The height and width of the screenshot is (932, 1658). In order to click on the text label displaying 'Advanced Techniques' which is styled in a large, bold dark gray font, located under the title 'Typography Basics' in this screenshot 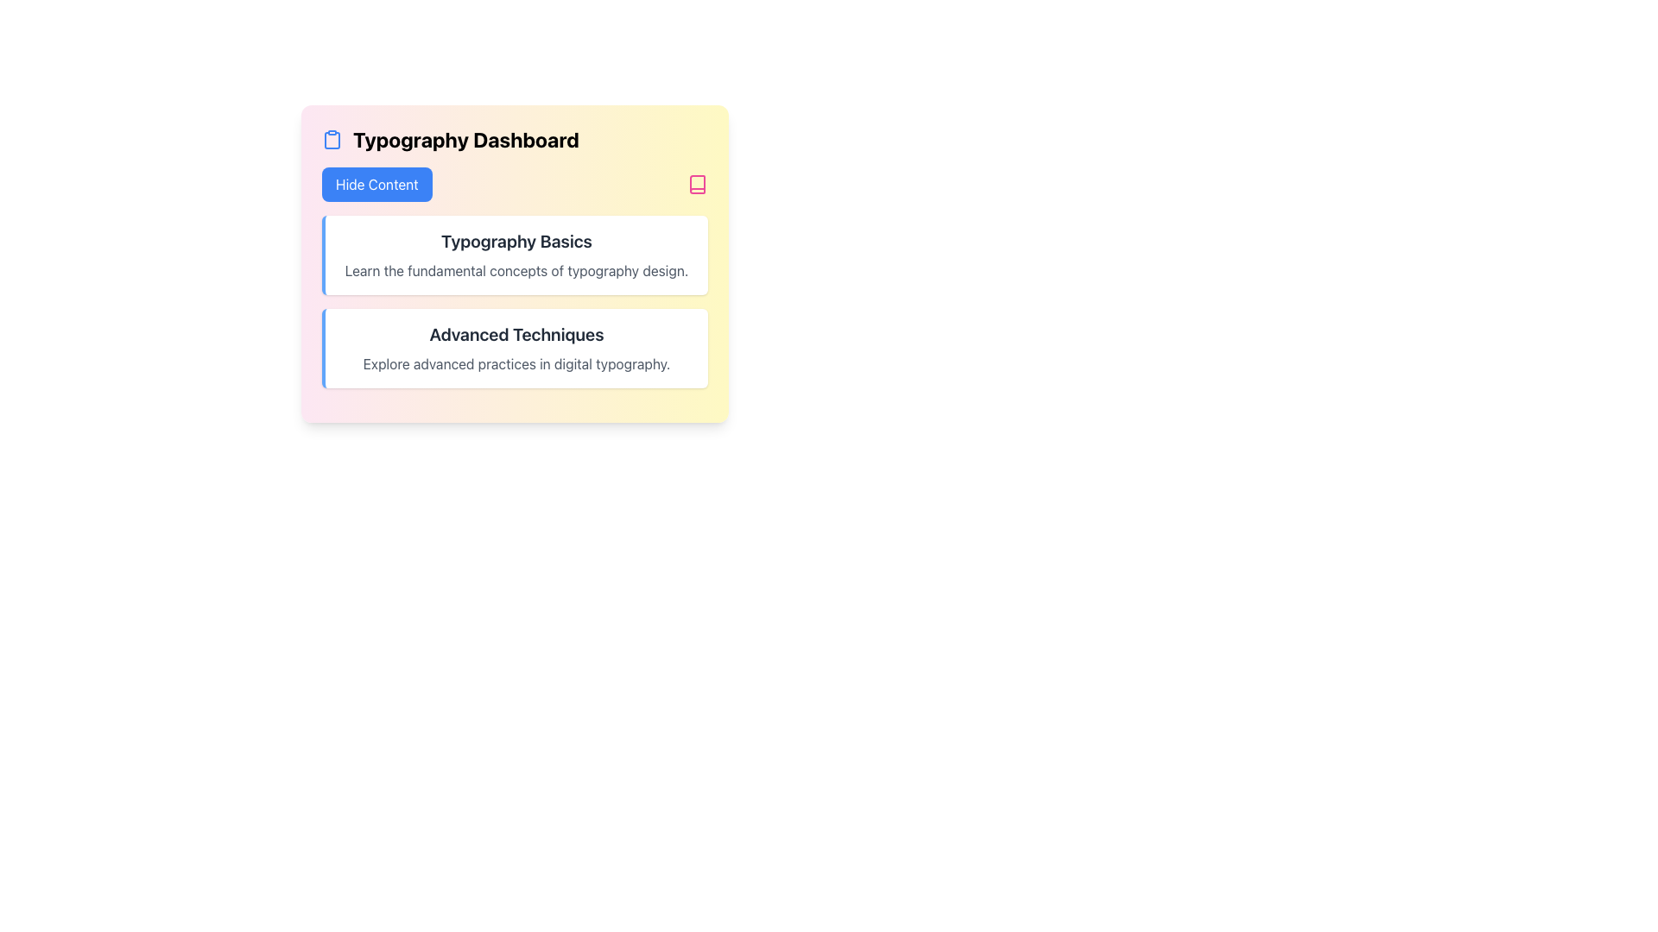, I will do `click(516, 335)`.